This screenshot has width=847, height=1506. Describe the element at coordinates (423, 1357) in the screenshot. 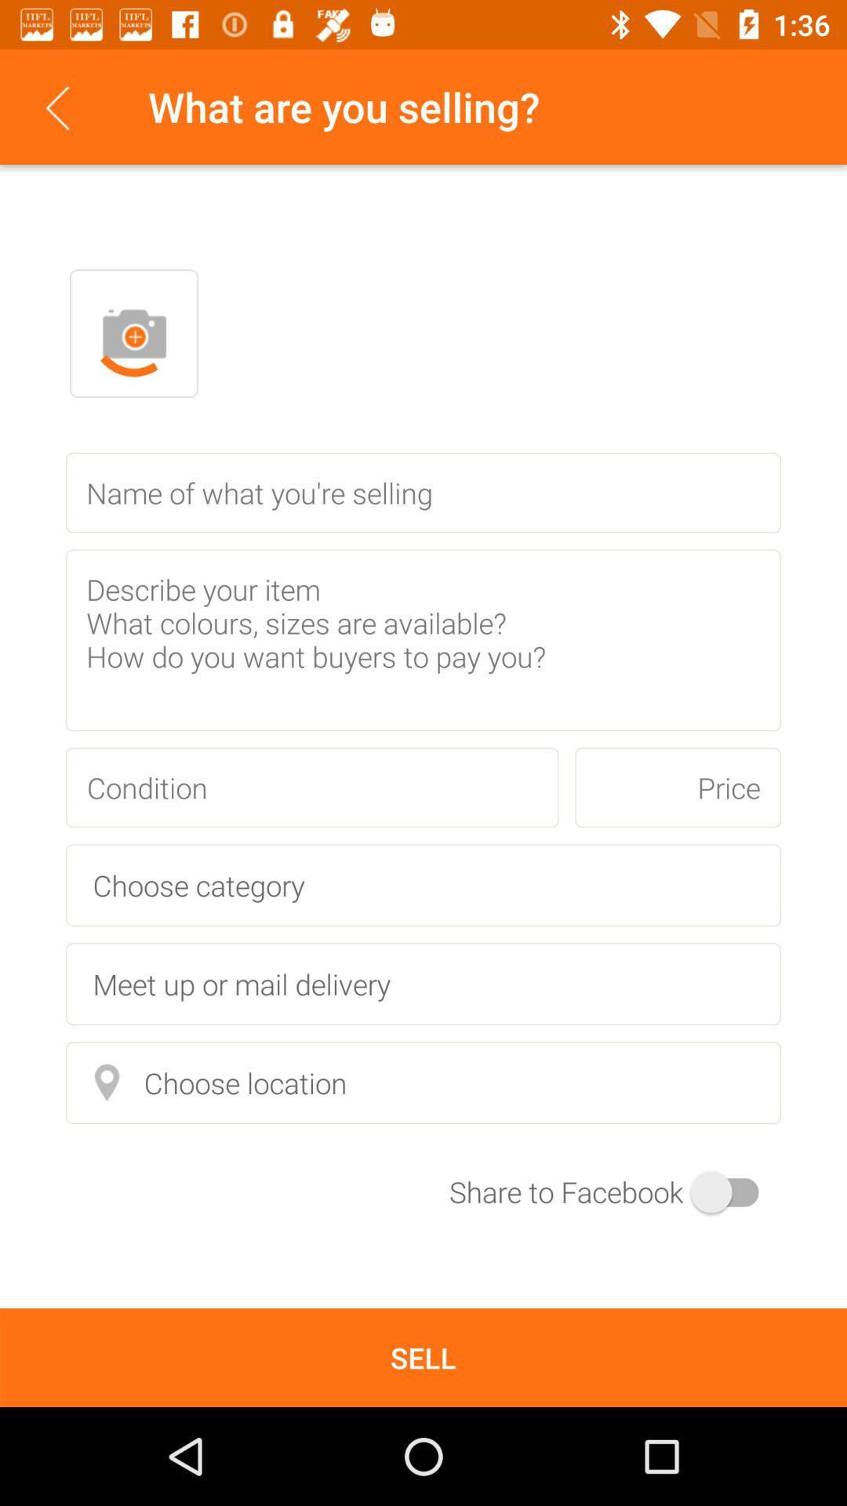

I see `sell item` at that location.